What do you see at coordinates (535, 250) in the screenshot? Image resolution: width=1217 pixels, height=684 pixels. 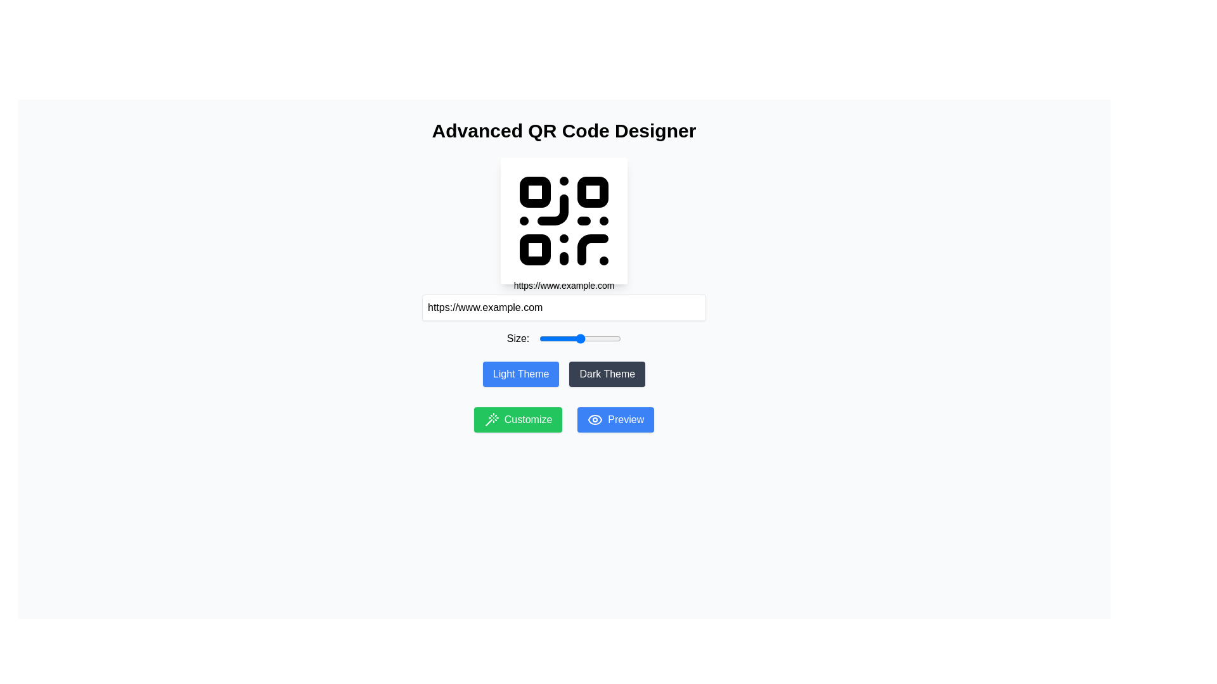 I see `the third square in the QR Code graphic, located in the bottom-left corner of the design to enhance its readability by QR Code scanners` at bounding box center [535, 250].